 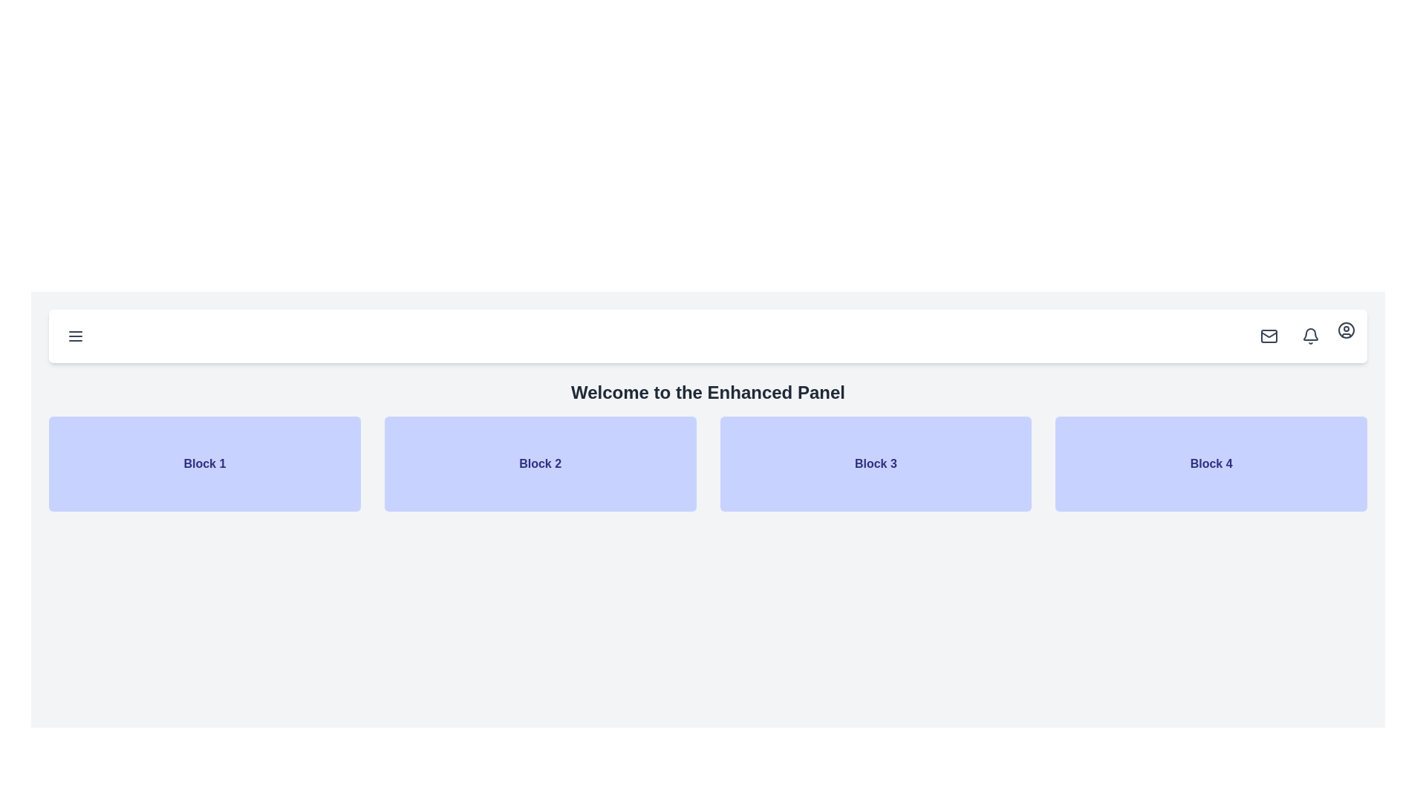 I want to click on the label text that identifies the first block in a set of sections, located in the center of the first block from the left in a row of four visually identical blocks, so click(x=204, y=463).